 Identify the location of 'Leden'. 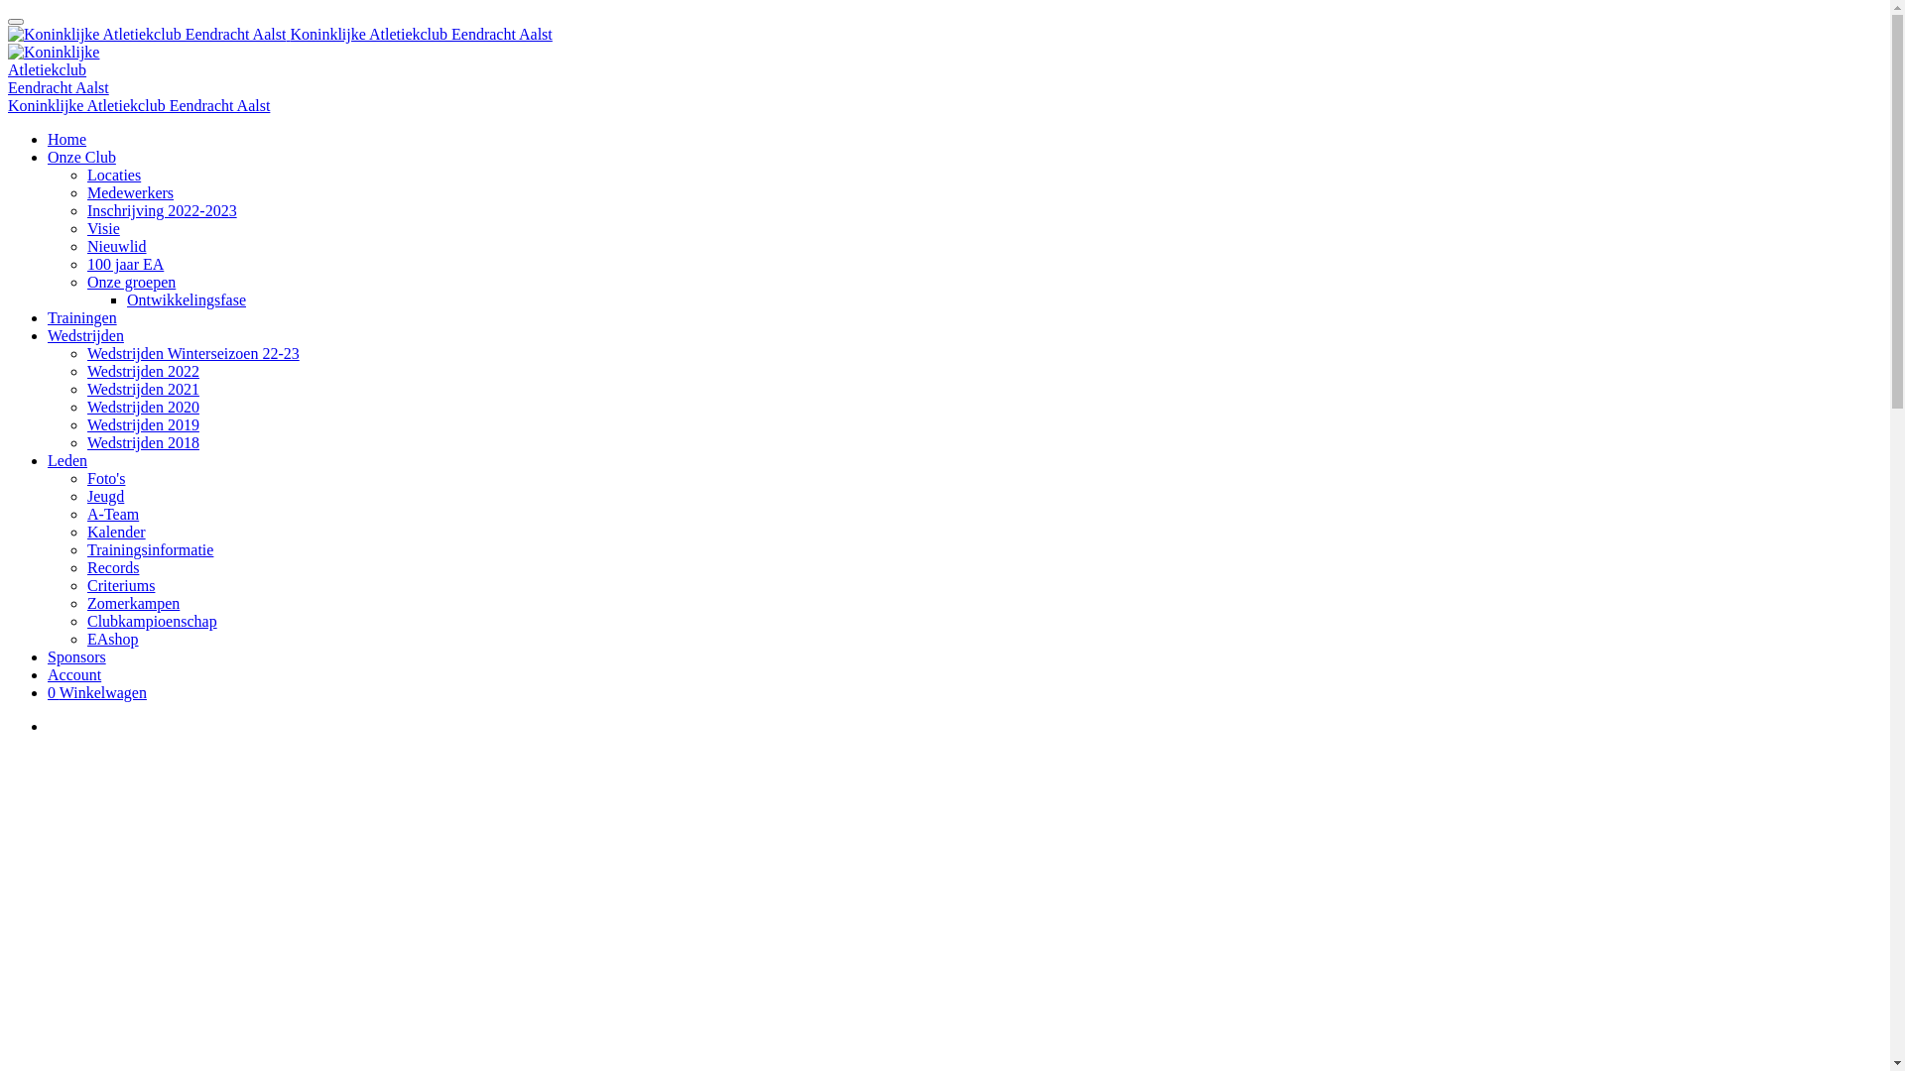
(66, 460).